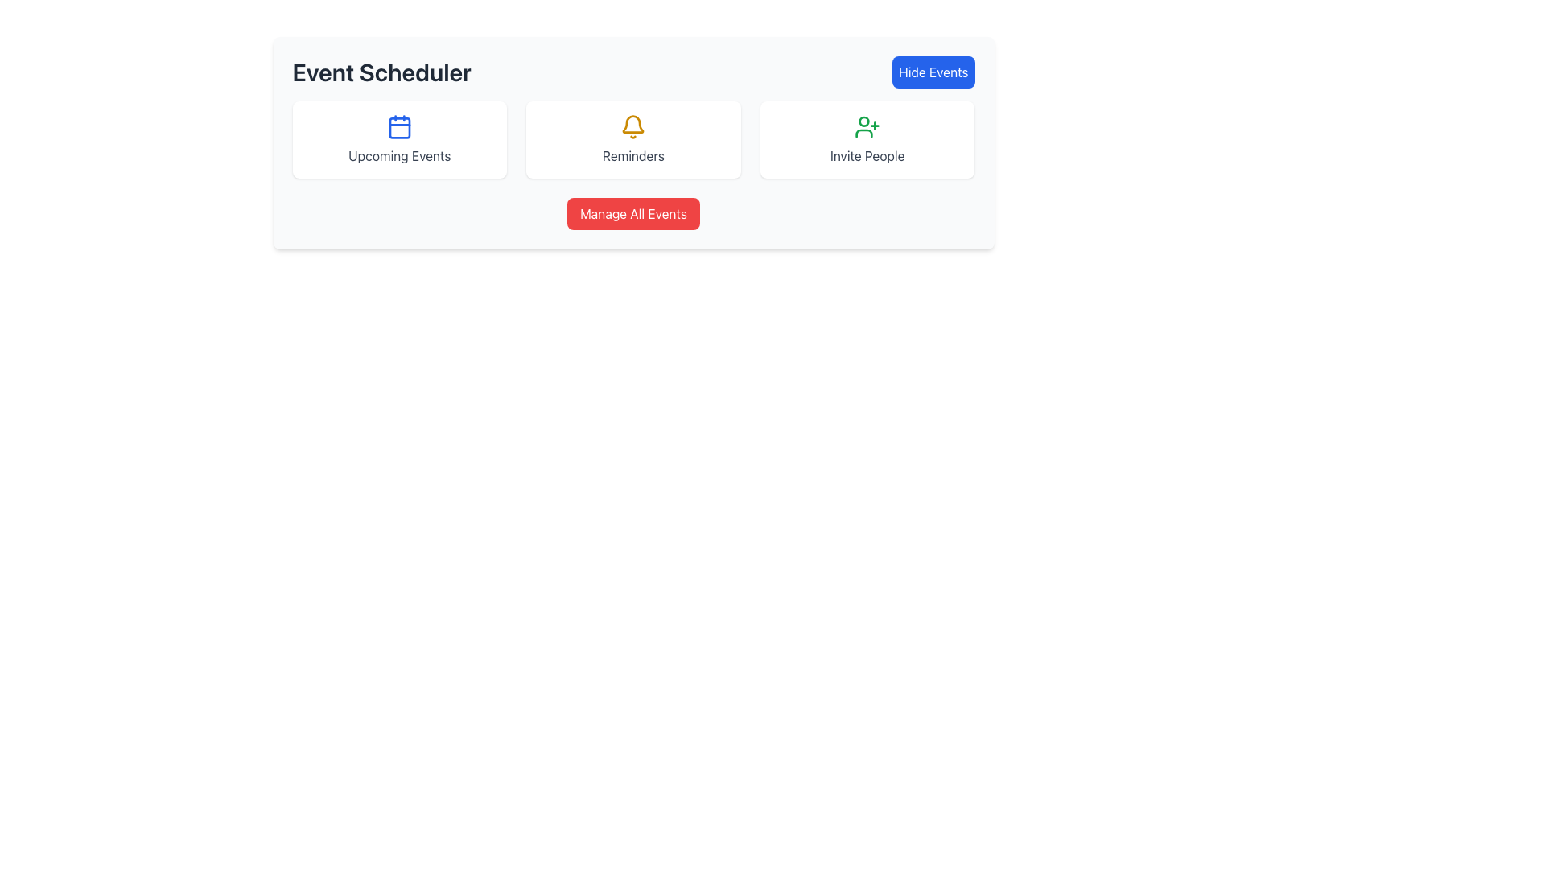 The image size is (1545, 869). What do you see at coordinates (867, 138) in the screenshot?
I see `the 'Invite People' button, which is the third button in a row of three, featuring a green icon of a person with a plus sign and labeled with gray text` at bounding box center [867, 138].